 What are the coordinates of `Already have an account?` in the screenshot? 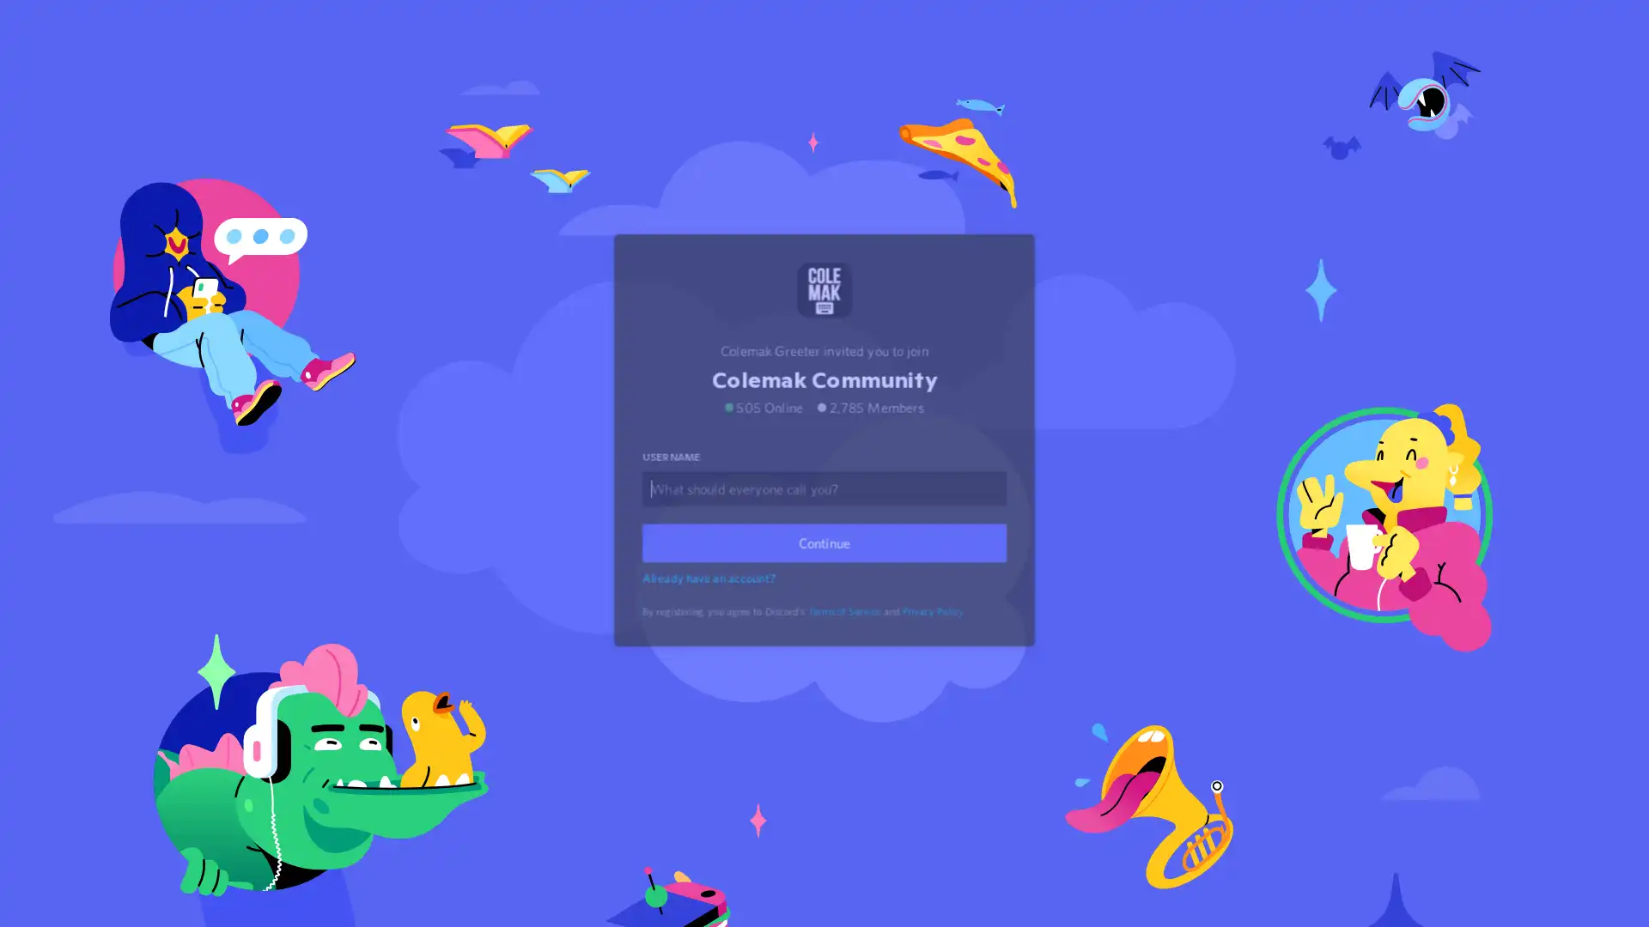 It's located at (711, 597).